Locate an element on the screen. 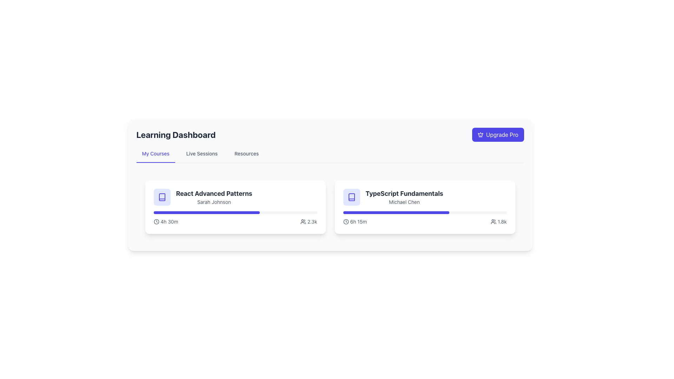 The height and width of the screenshot is (379, 674). the icon depicting two user figures, which is located next to the '1.8k' text within the 'TypeScript Fundamentals' card is located at coordinates (493, 222).